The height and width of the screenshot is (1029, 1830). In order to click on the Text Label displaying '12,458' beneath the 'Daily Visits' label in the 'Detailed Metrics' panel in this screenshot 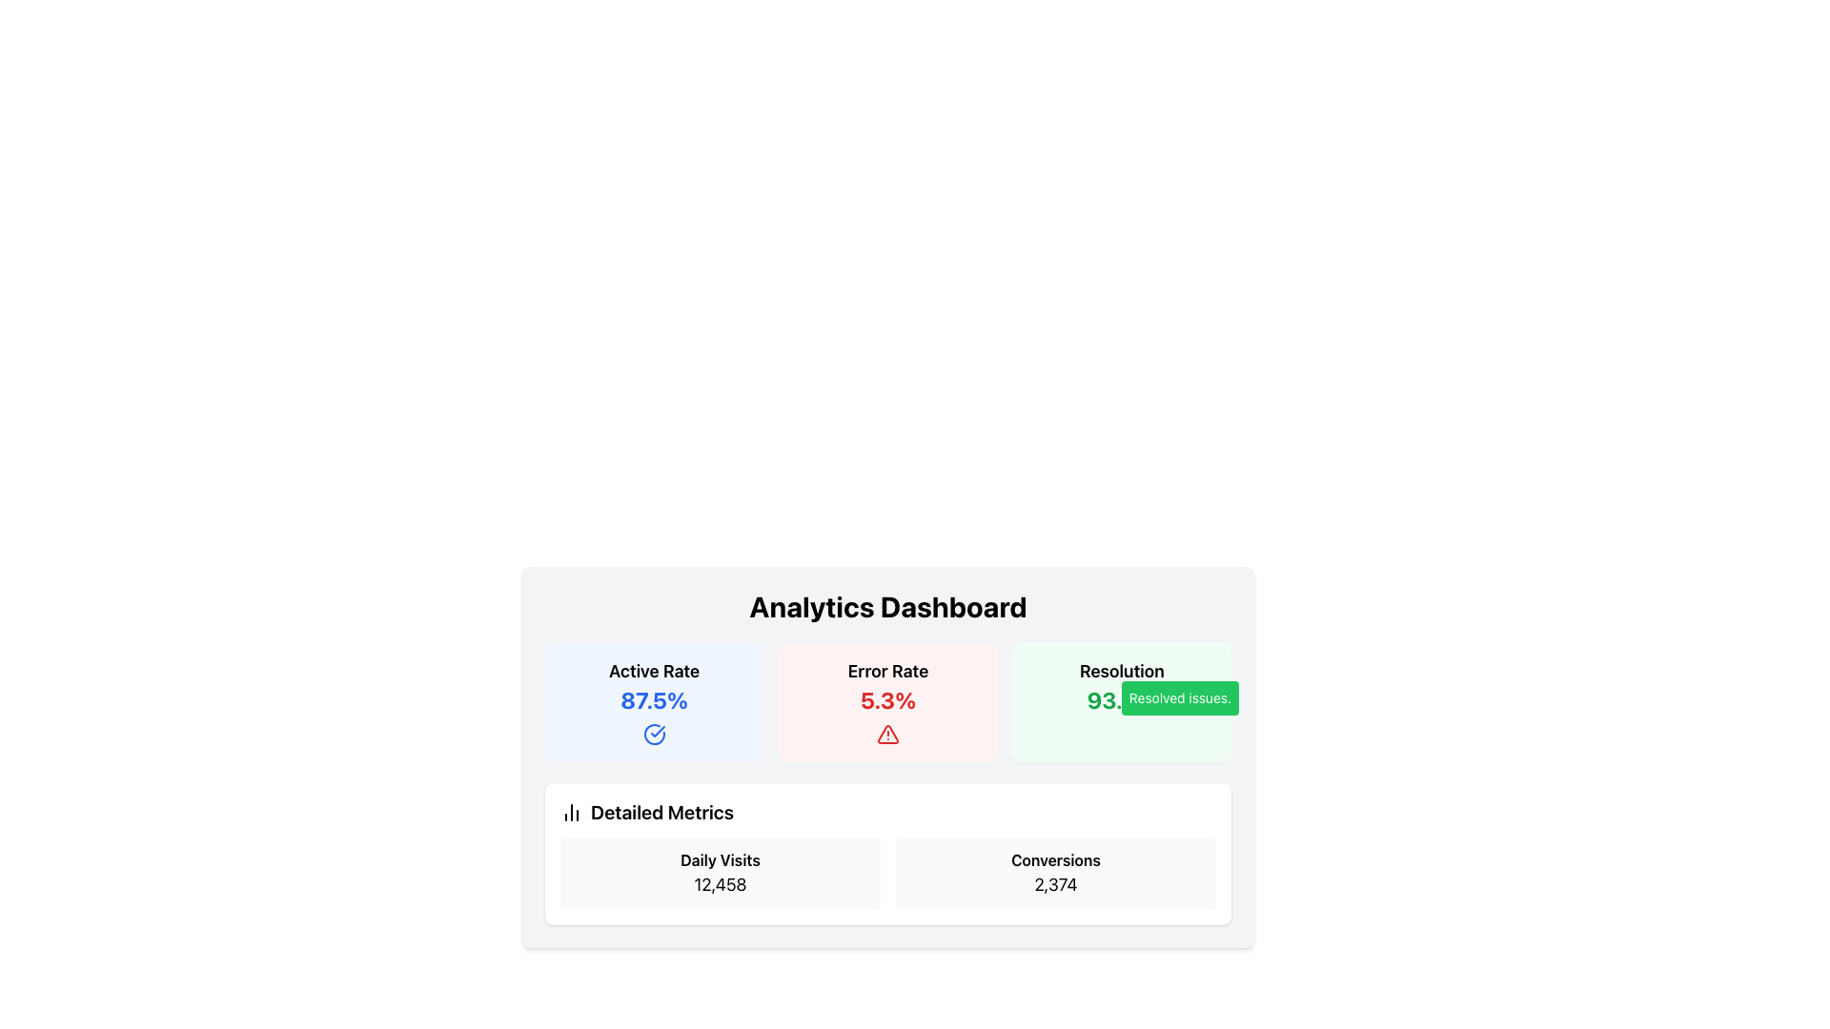, I will do `click(719, 885)`.